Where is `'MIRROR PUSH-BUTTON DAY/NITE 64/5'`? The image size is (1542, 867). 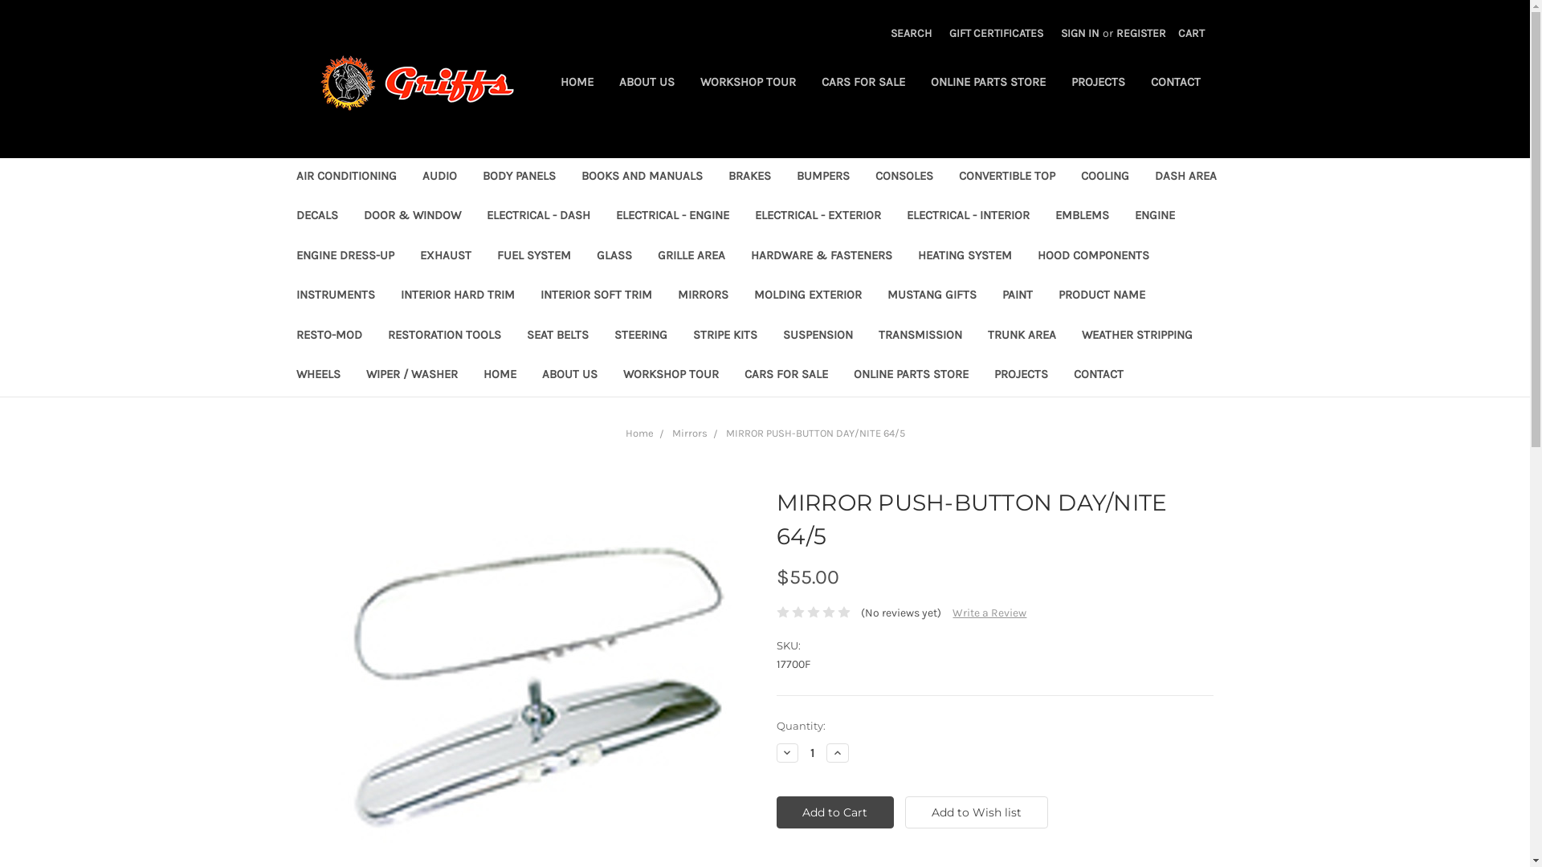 'MIRROR PUSH-BUTTON DAY/NITE 64/5' is located at coordinates (535, 669).